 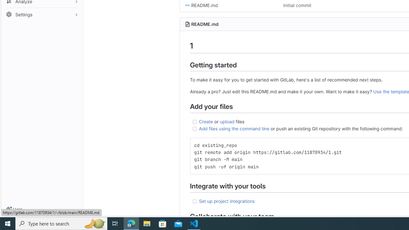 I want to click on 'Initial commit', so click(x=297, y=5).